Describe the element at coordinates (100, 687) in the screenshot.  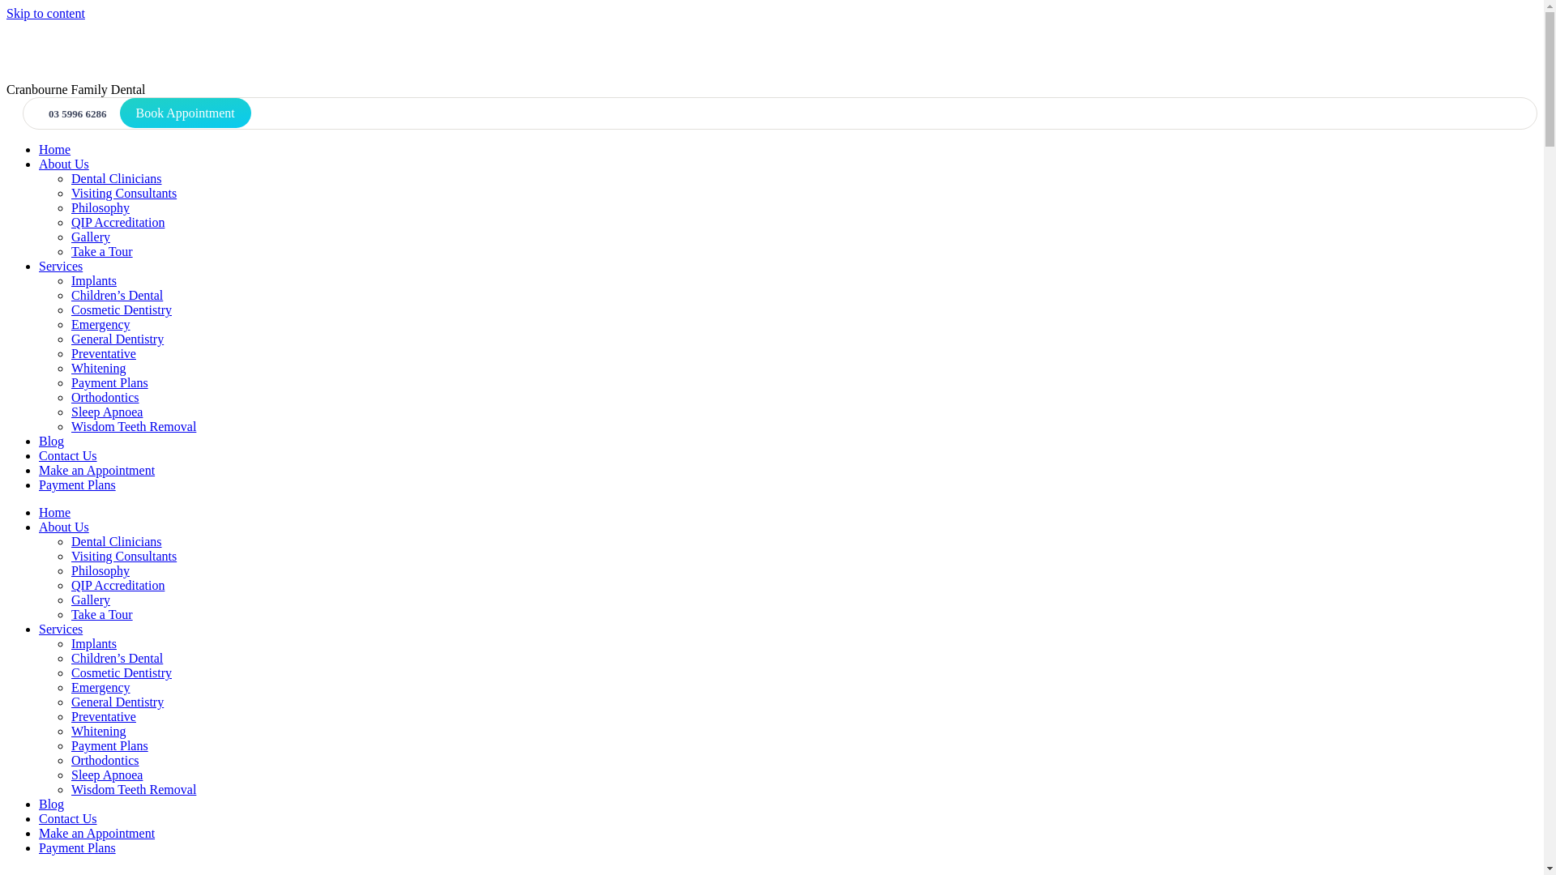
I see `'Emergency'` at that location.